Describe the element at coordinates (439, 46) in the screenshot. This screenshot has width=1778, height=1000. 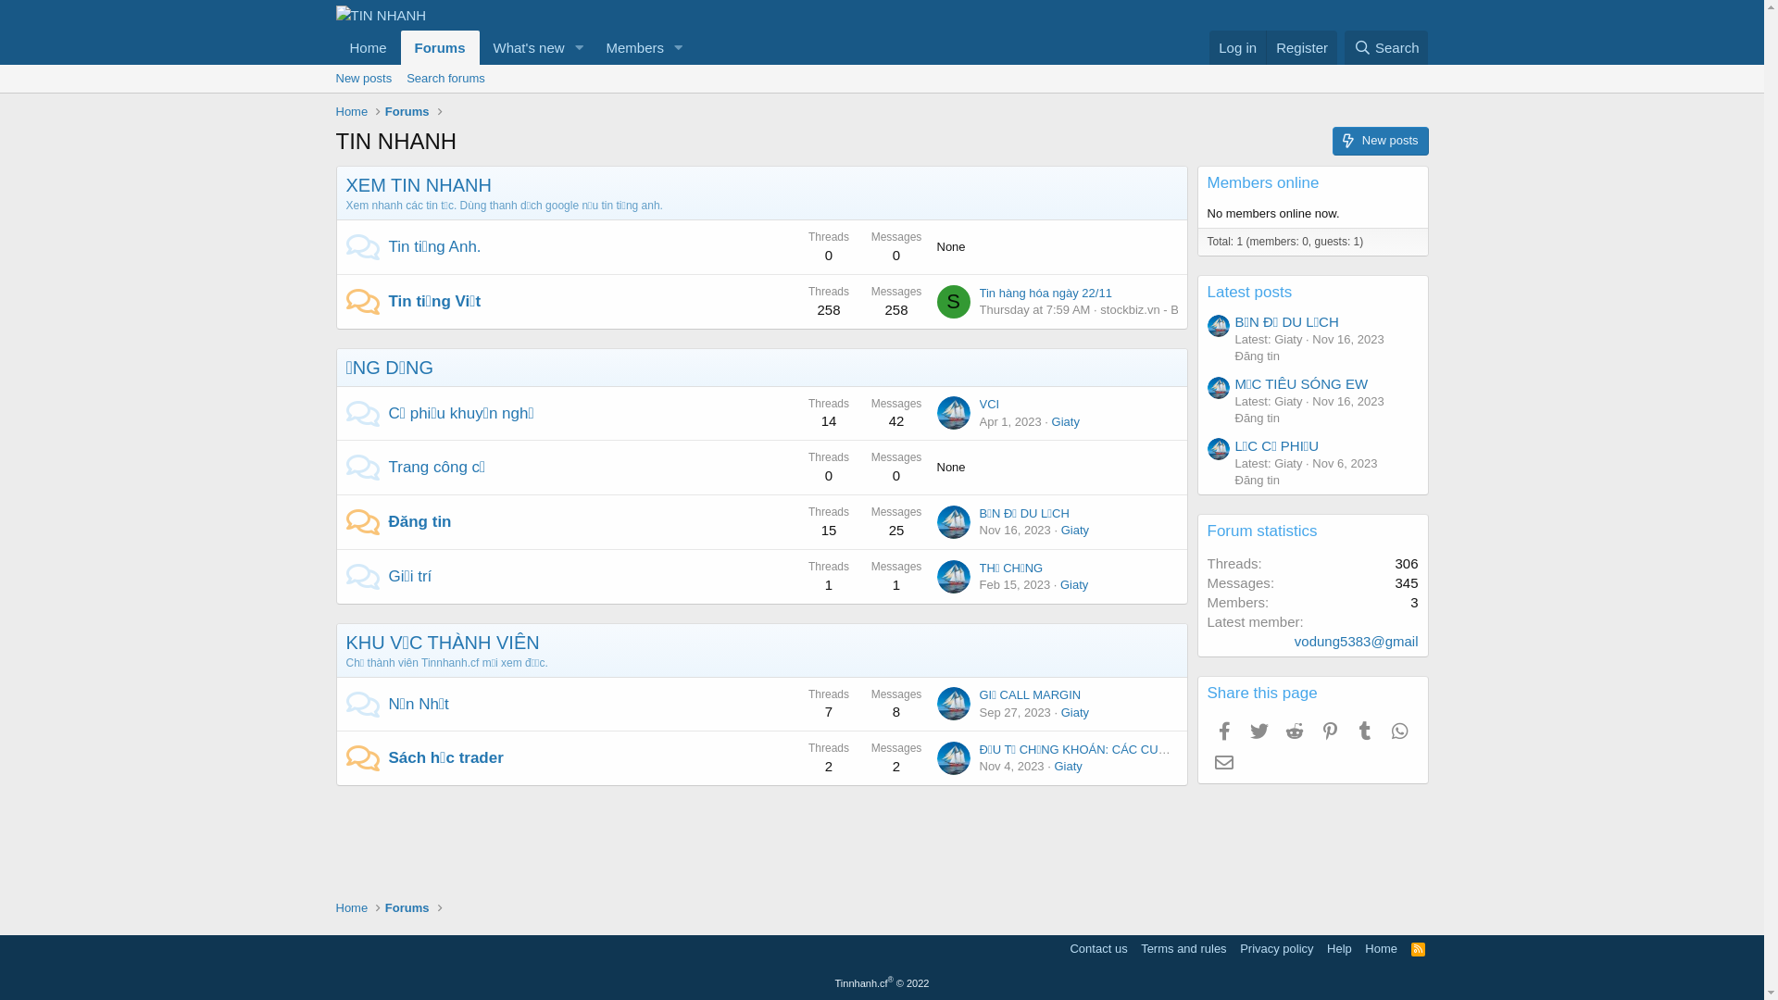
I see `'Forums'` at that location.